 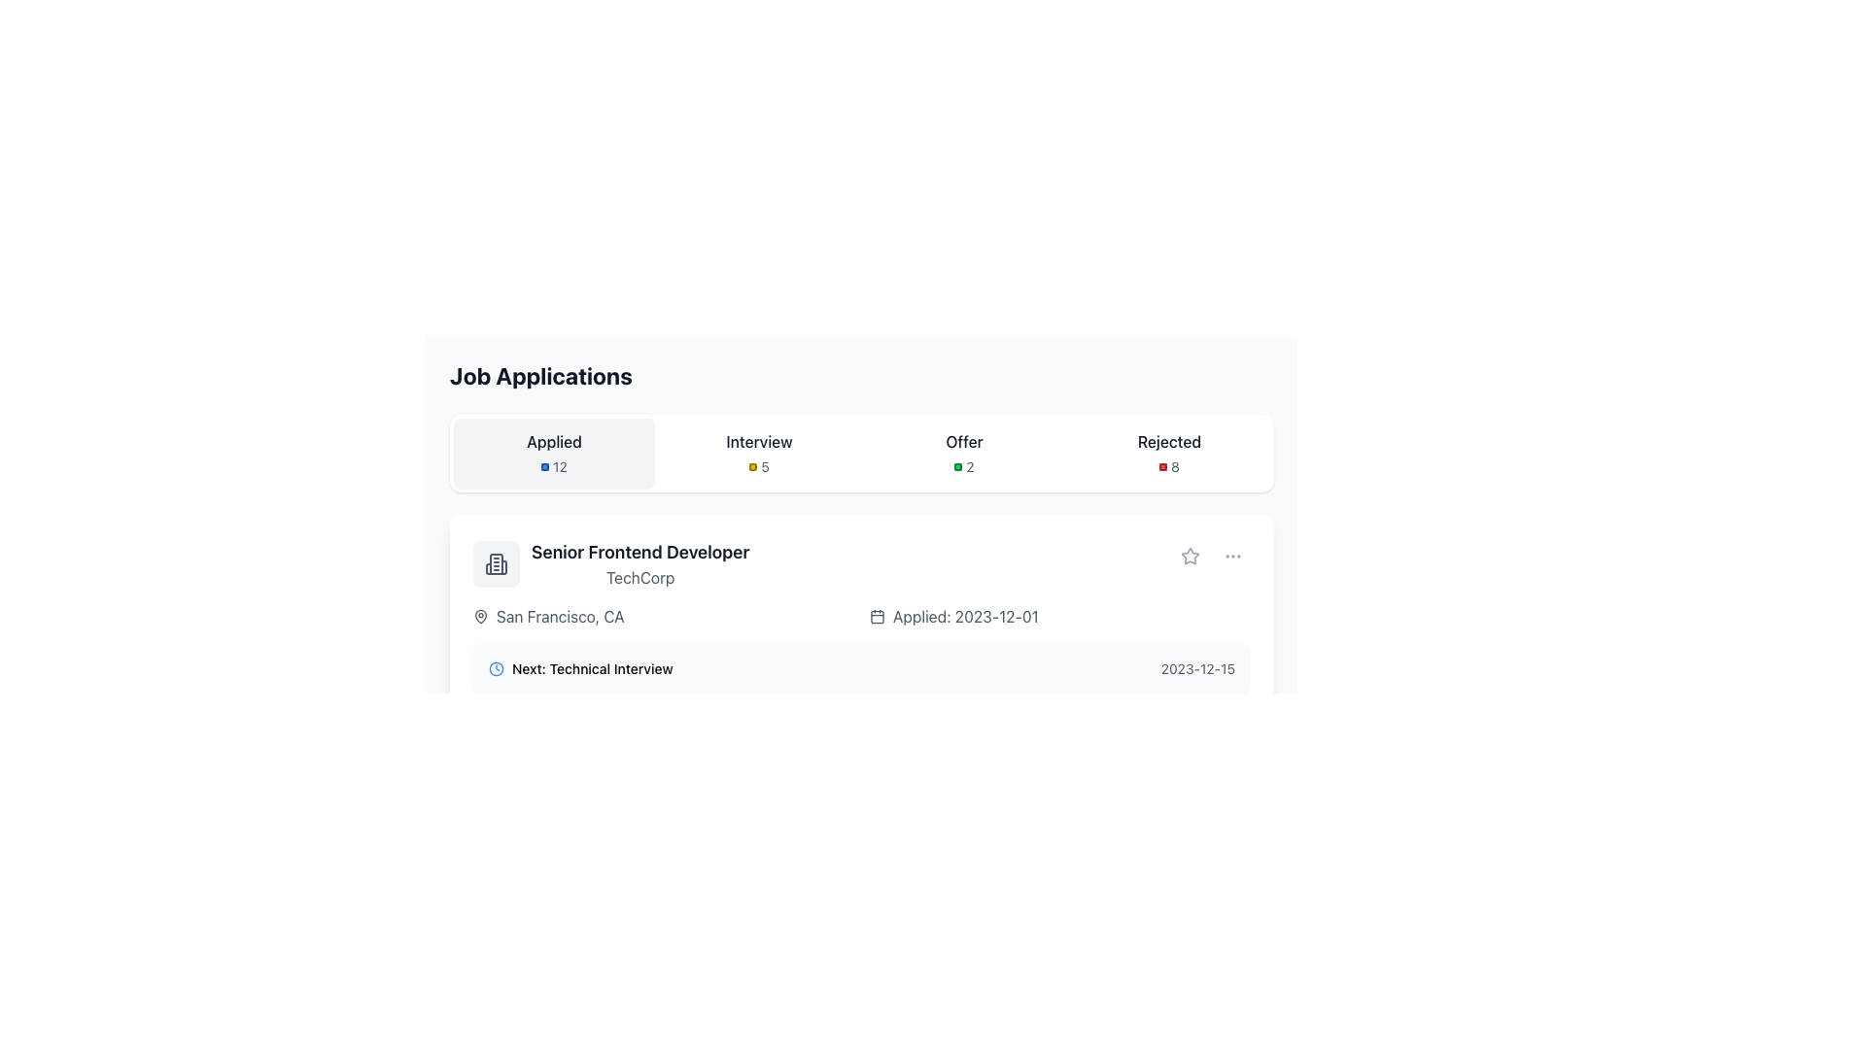 What do you see at coordinates (876, 617) in the screenshot?
I see `the small, calendar-shaped icon located to the left of the text 'Applied: 2023-12-01' within the 'Senior Frontend Developer' job application card` at bounding box center [876, 617].